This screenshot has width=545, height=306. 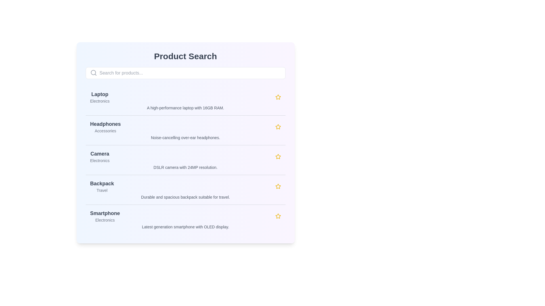 I want to click on textual description element located under the 'Accessories' header in the 'Headphones' section, so click(x=185, y=138).